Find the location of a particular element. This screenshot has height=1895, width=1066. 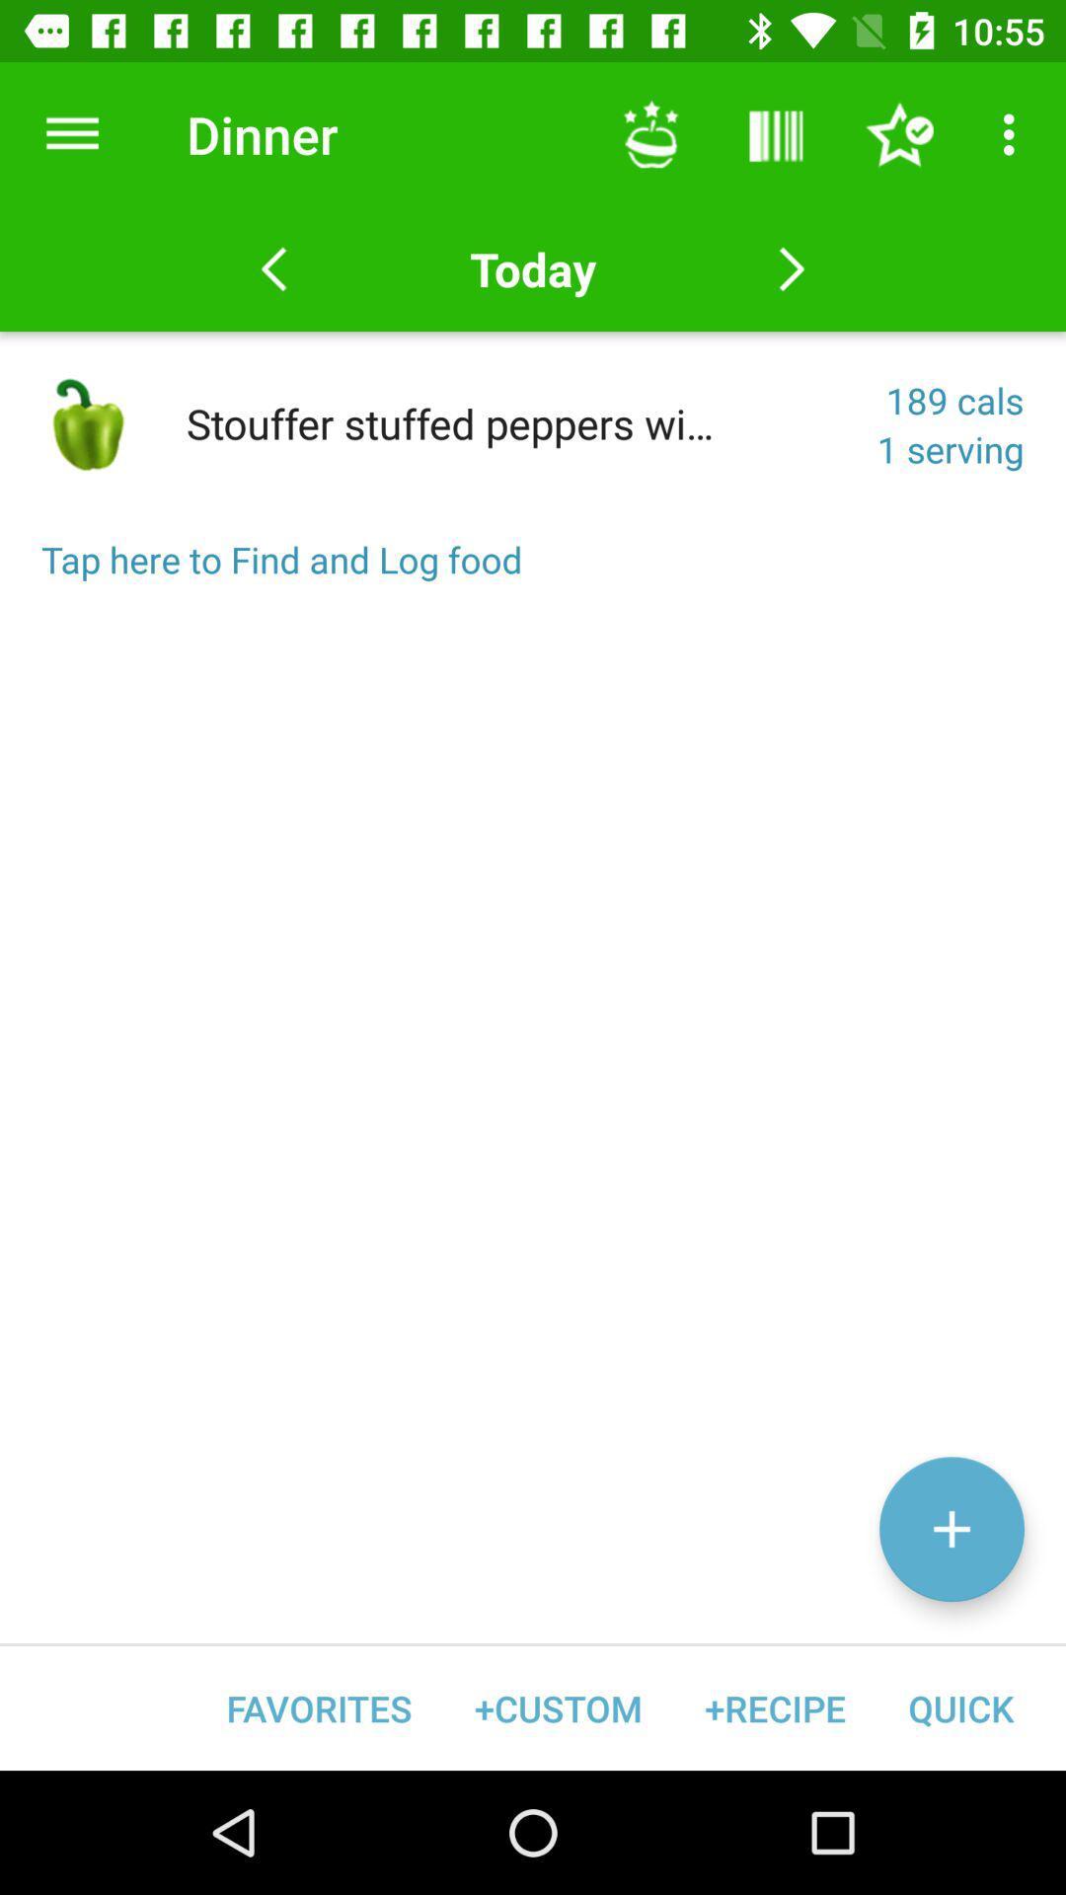

previous day is located at coordinates (273, 268).